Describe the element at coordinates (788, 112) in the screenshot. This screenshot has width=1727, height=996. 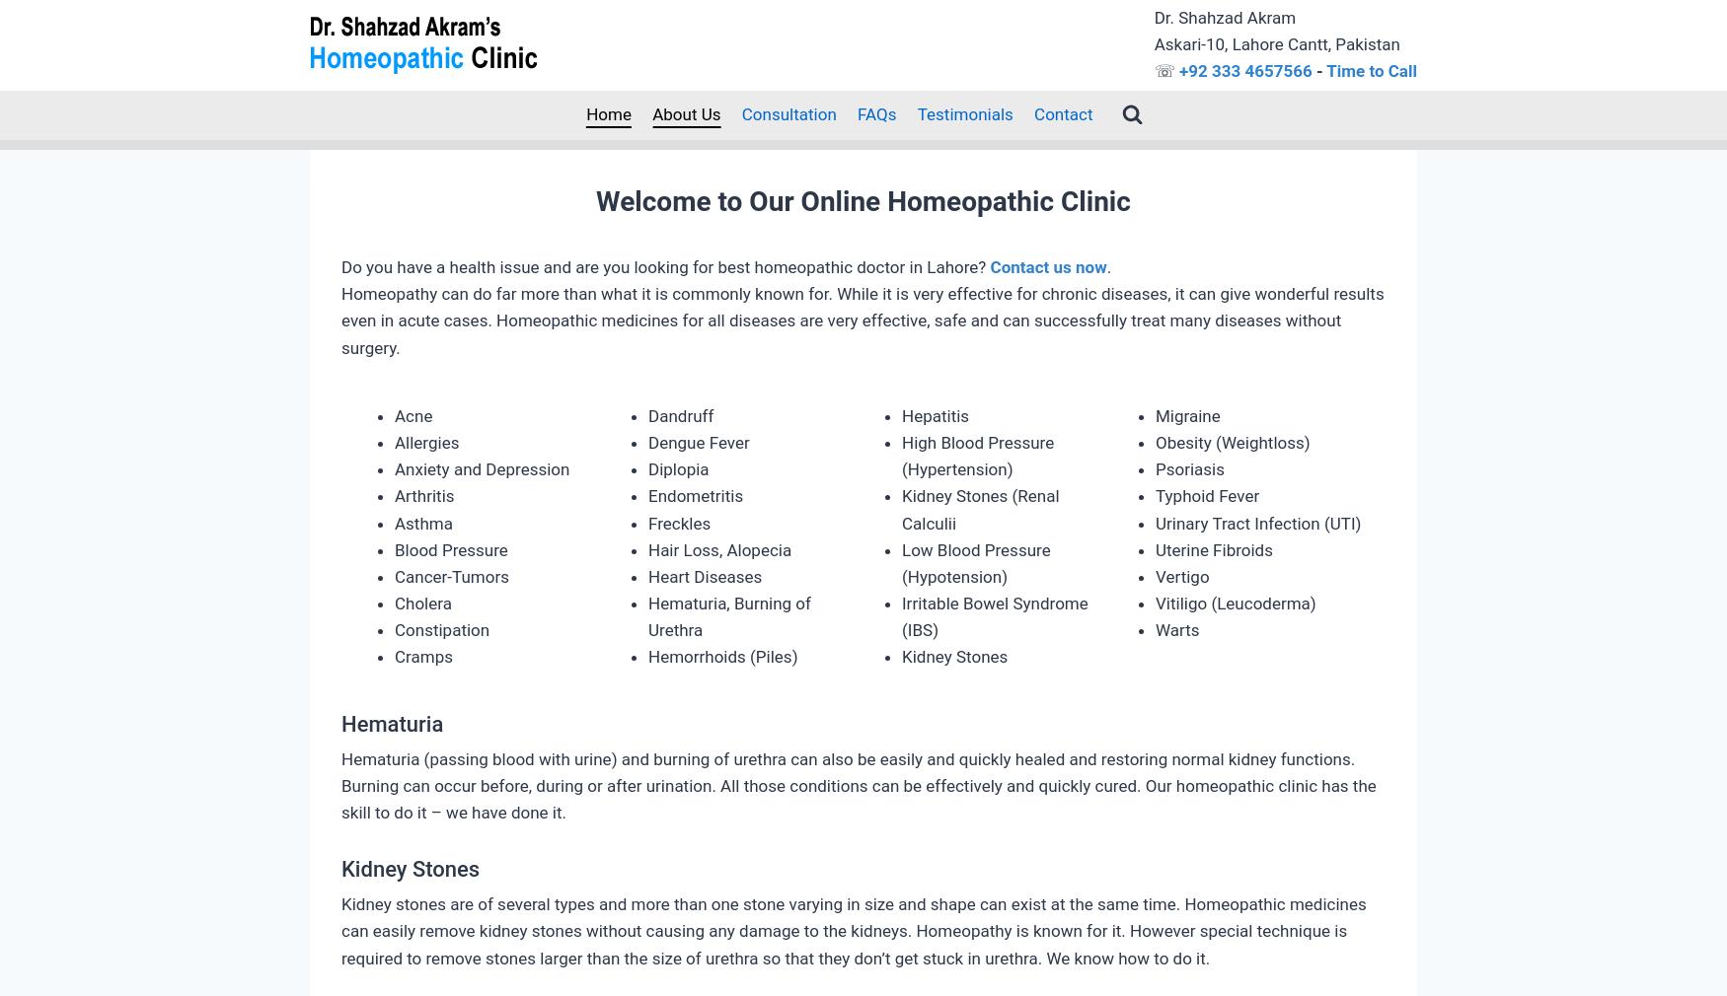
I see `'Consultation'` at that location.